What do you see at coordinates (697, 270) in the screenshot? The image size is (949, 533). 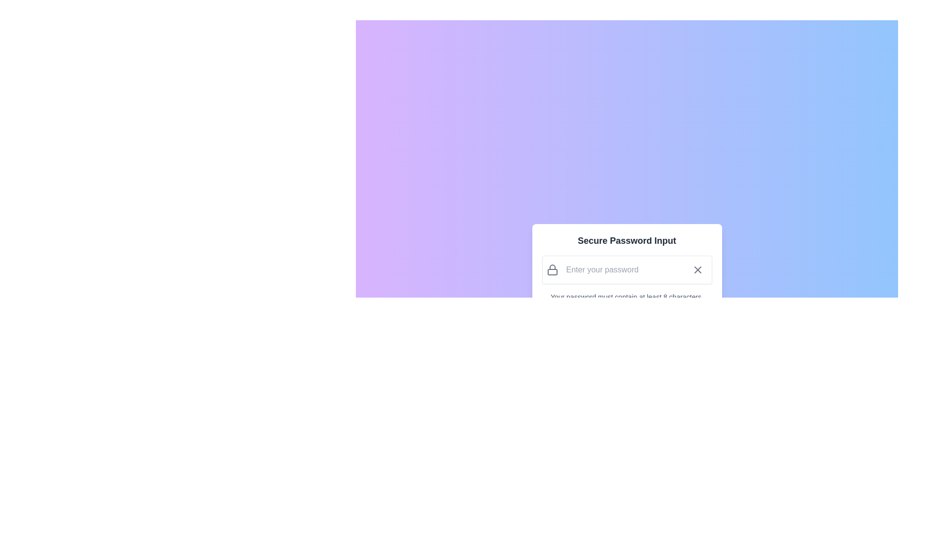 I see `the clear button icon located at the right end of the Secure Password Input field to clear any entered text` at bounding box center [697, 270].